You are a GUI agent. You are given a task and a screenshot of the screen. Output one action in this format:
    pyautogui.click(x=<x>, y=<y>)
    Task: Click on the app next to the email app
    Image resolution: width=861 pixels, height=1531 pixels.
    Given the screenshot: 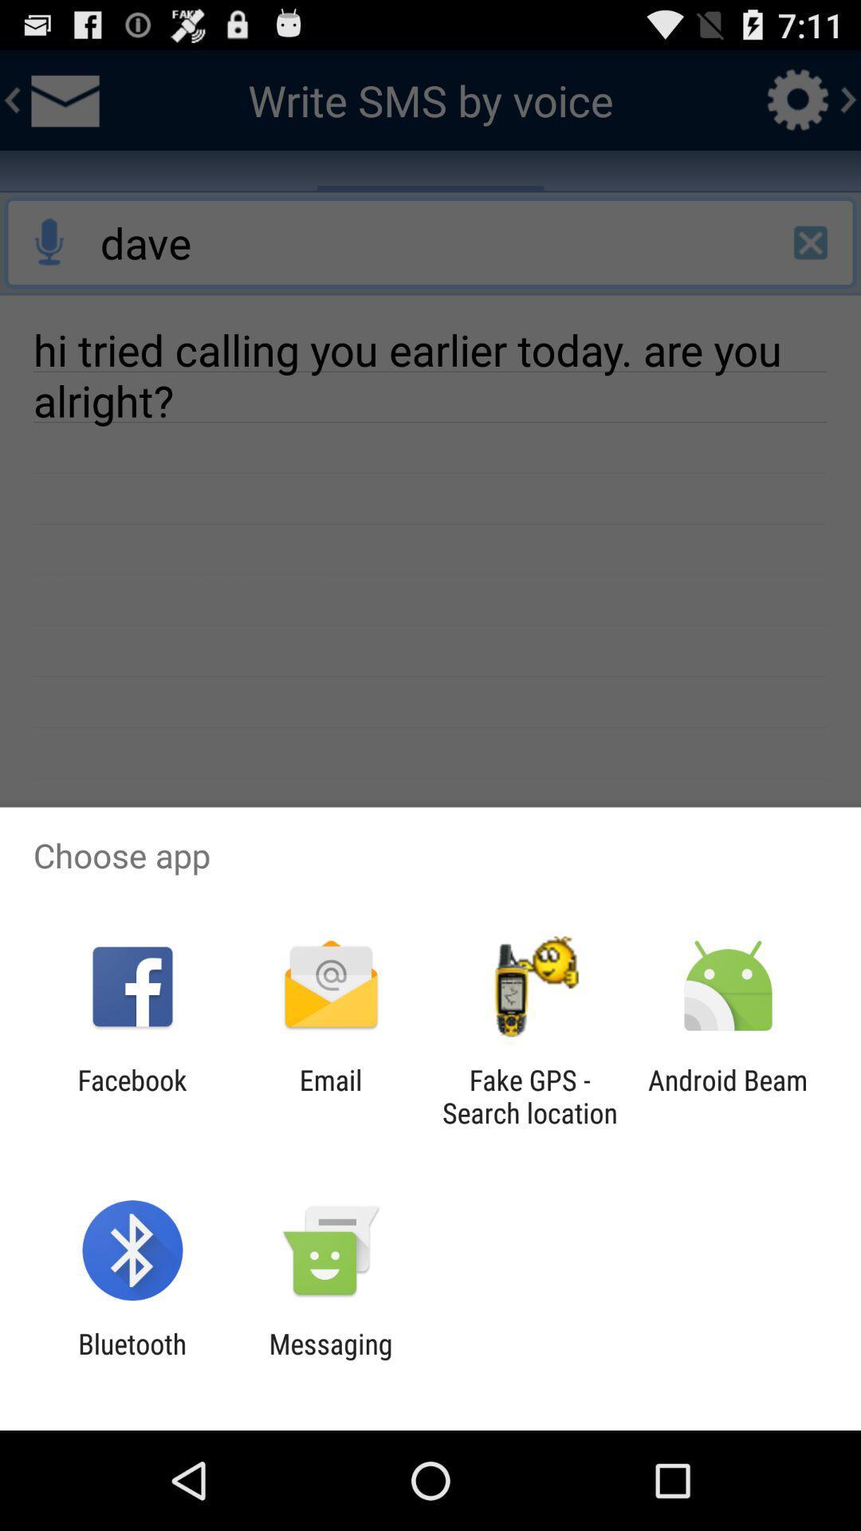 What is the action you would take?
    pyautogui.click(x=132, y=1096)
    